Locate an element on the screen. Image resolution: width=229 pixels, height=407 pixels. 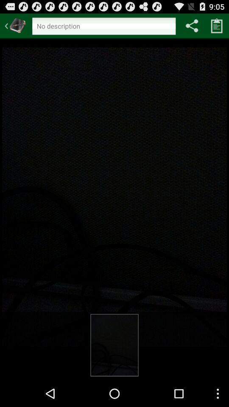
share is located at coordinates (192, 25).